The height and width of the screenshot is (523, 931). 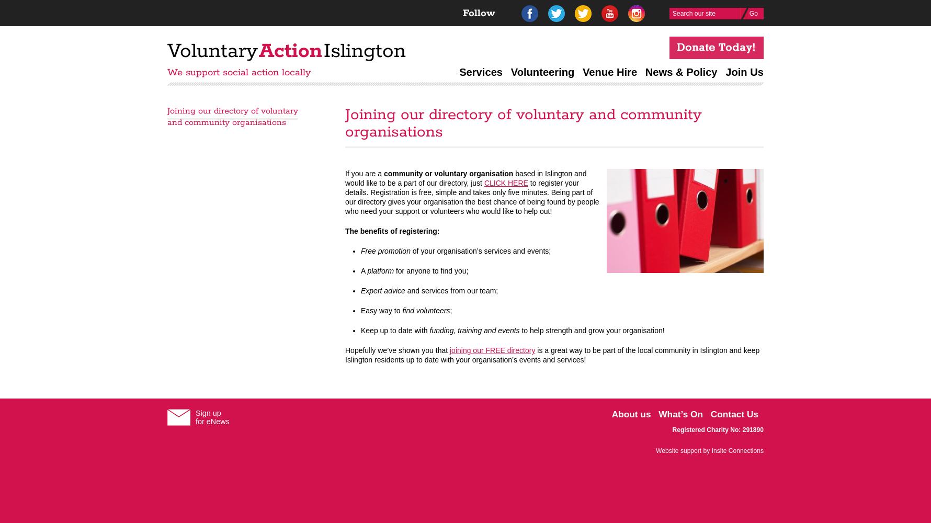 What do you see at coordinates (472, 197) in the screenshot?
I see `'to register your details. Registration is free, simple and takes only five minutes. Being part of our directory gives your organisation the best chance of being found by people who need your support or volunteers who would like to help out!'` at bounding box center [472, 197].